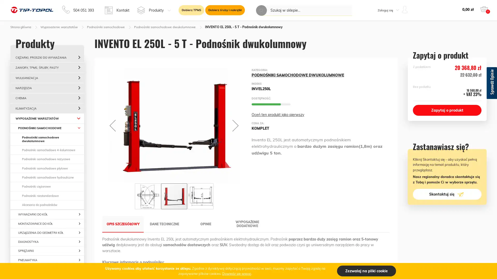 This screenshot has width=497, height=279. I want to click on Szukaj, so click(261, 10).